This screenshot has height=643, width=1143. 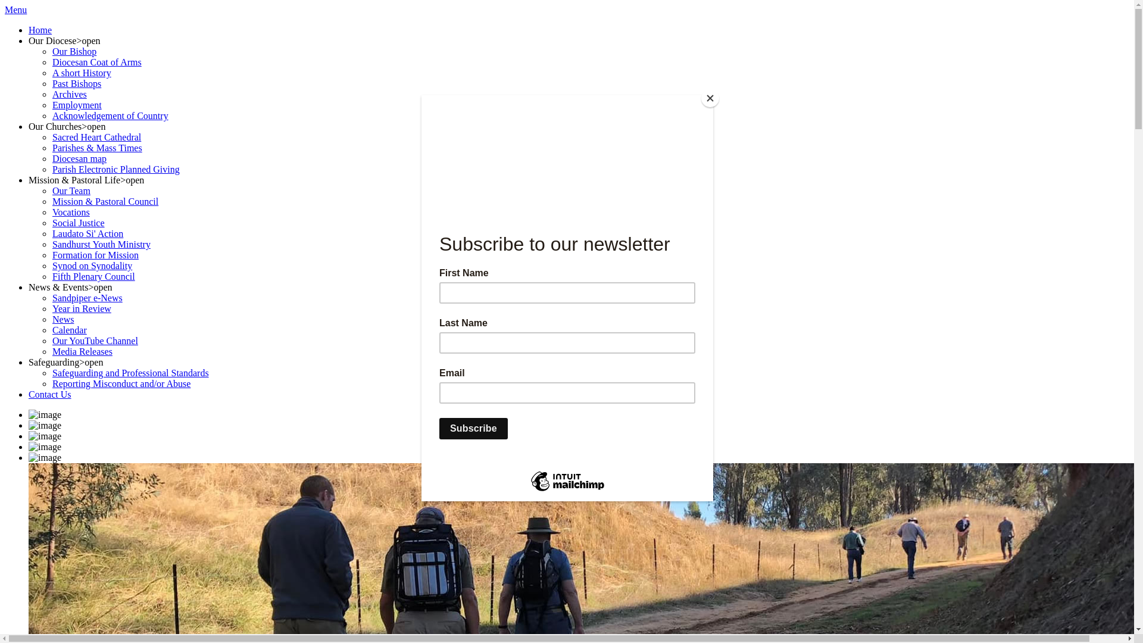 What do you see at coordinates (40, 29) in the screenshot?
I see `'Home'` at bounding box center [40, 29].